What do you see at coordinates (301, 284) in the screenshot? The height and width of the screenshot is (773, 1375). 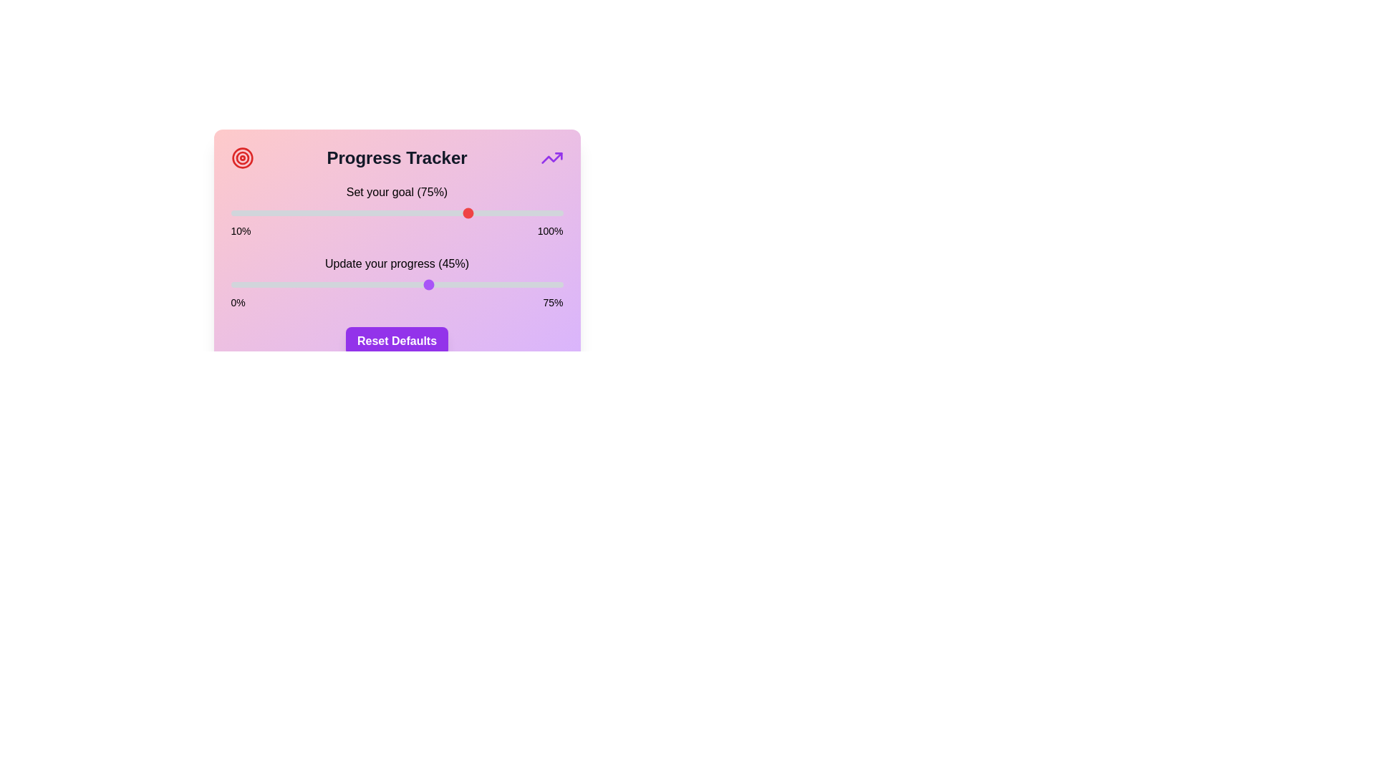 I see `the 'Update your progress' slider to set the progress to 16%` at bounding box center [301, 284].